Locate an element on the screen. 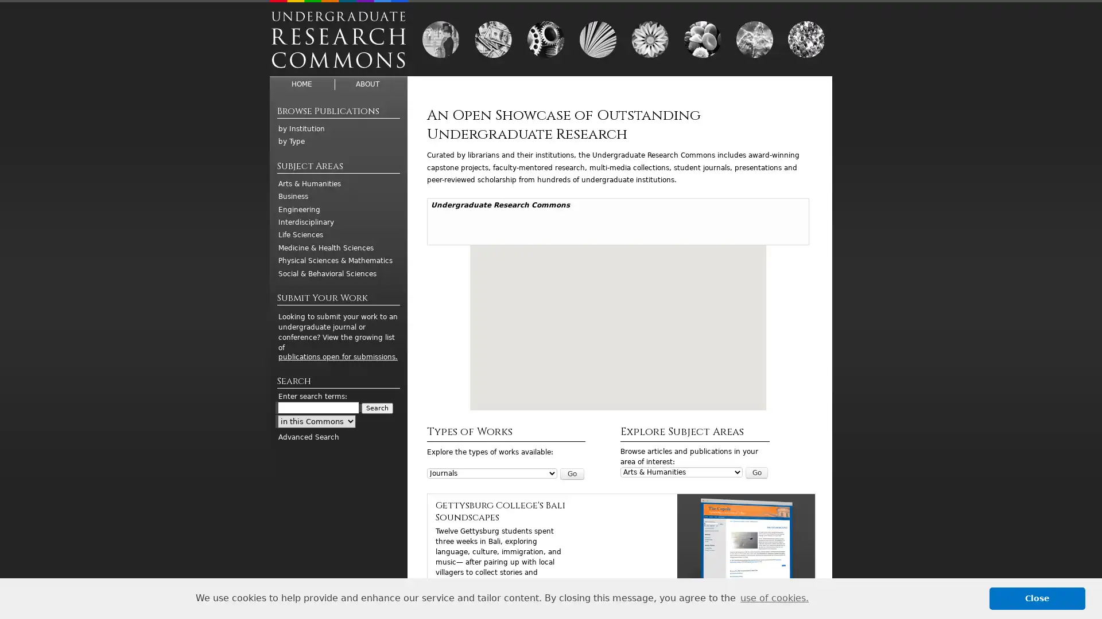  Search is located at coordinates (377, 408).